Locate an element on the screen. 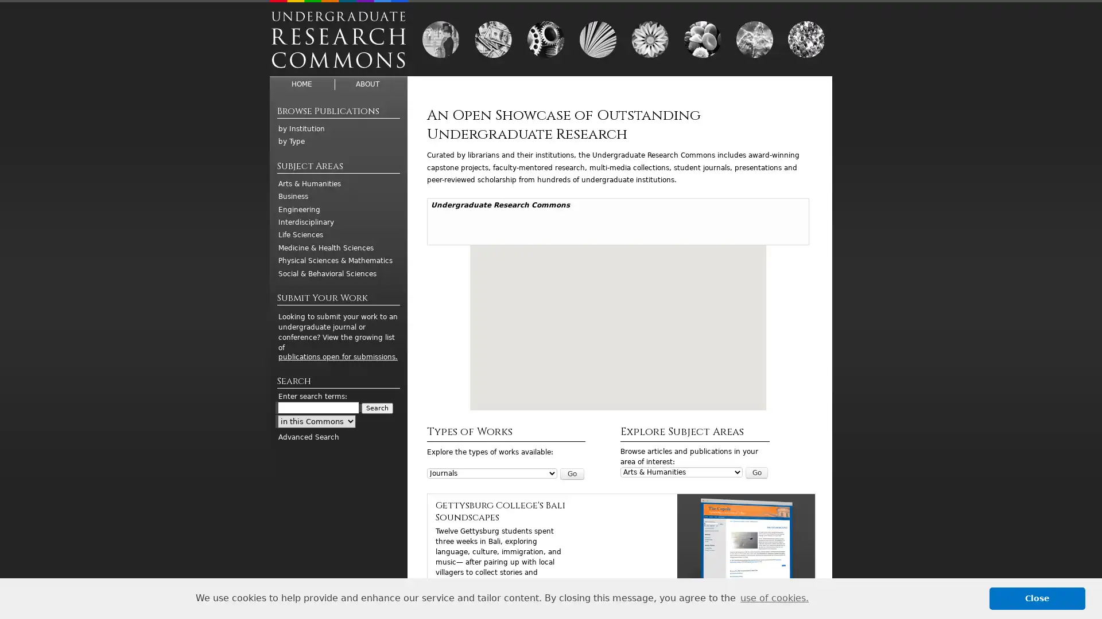  Search is located at coordinates (377, 408).